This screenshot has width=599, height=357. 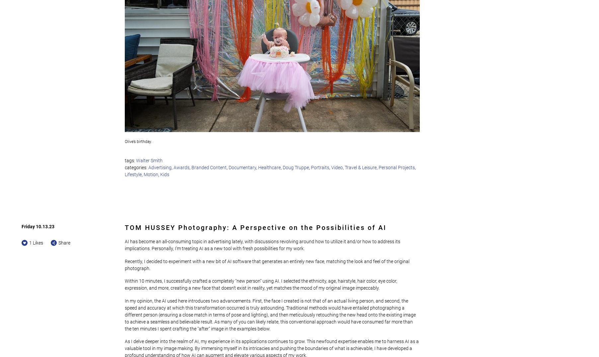 What do you see at coordinates (124, 141) in the screenshot?
I see `'Olive’s birthday.'` at bounding box center [124, 141].